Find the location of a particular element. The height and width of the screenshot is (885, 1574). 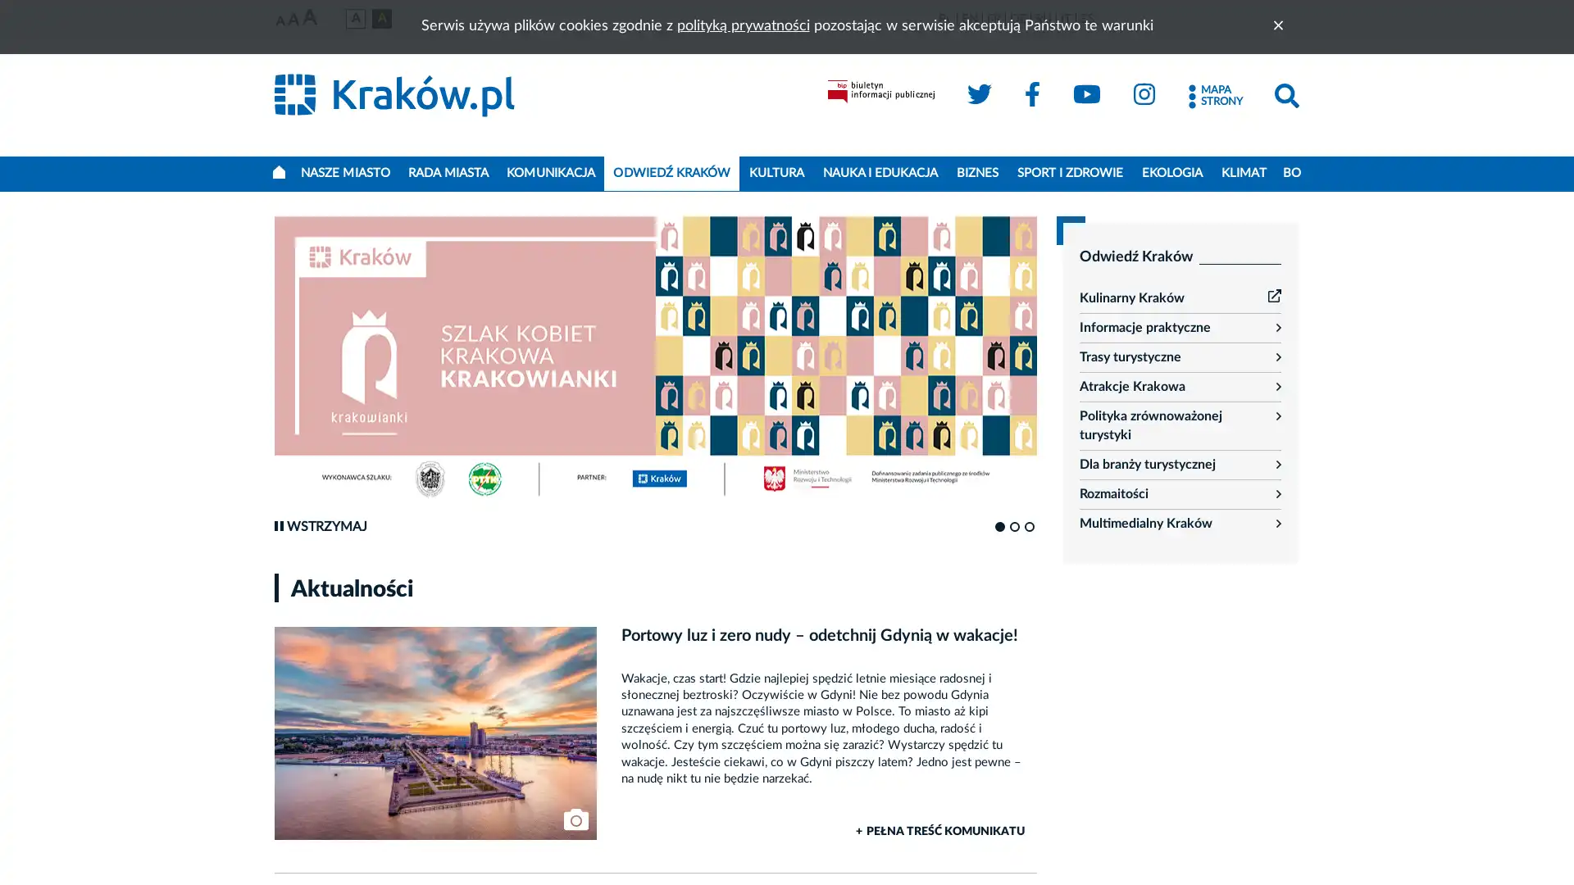

Wersja czarno-zota is located at coordinates (380, 18).